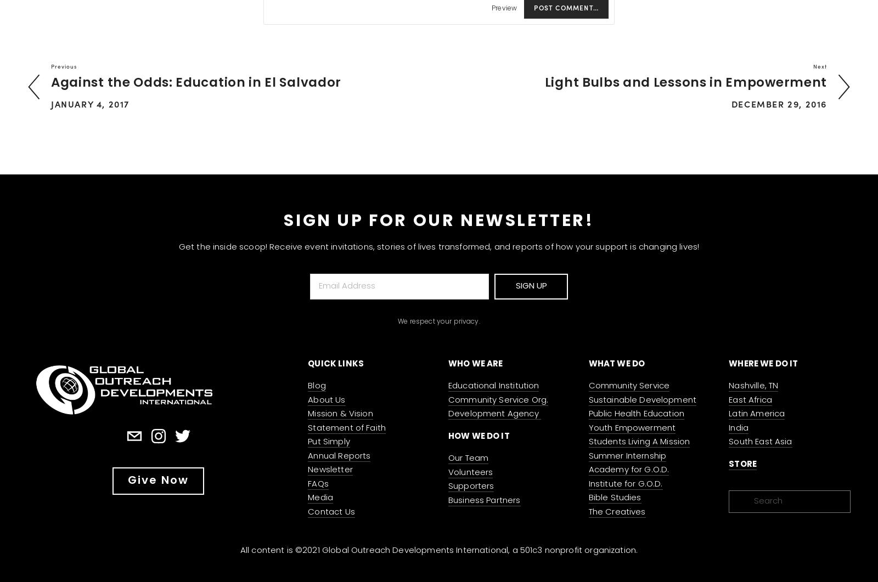  I want to click on 'Students Living A Mission', so click(639, 442).